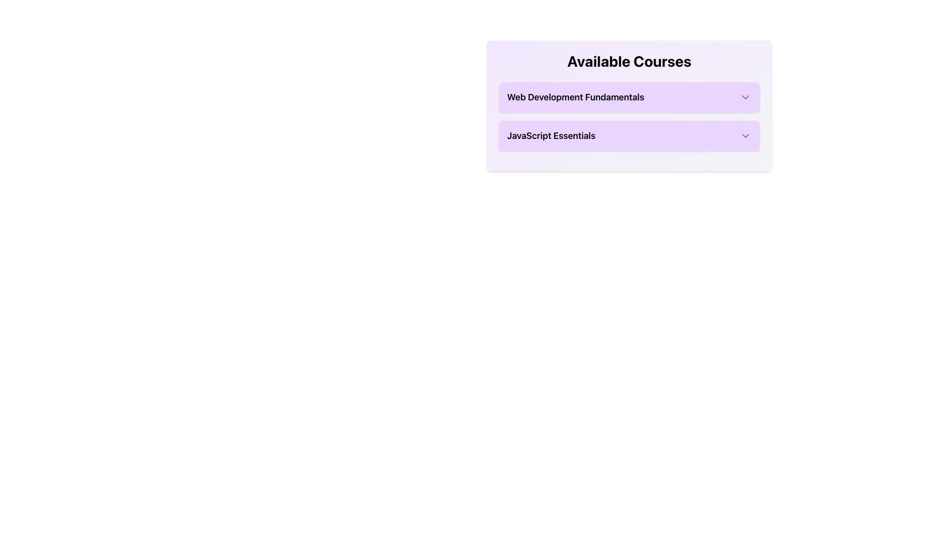 This screenshot has height=534, width=950. I want to click on the Expandable Section Header for 'Web Development Fundamentals' to select it, so click(629, 97).